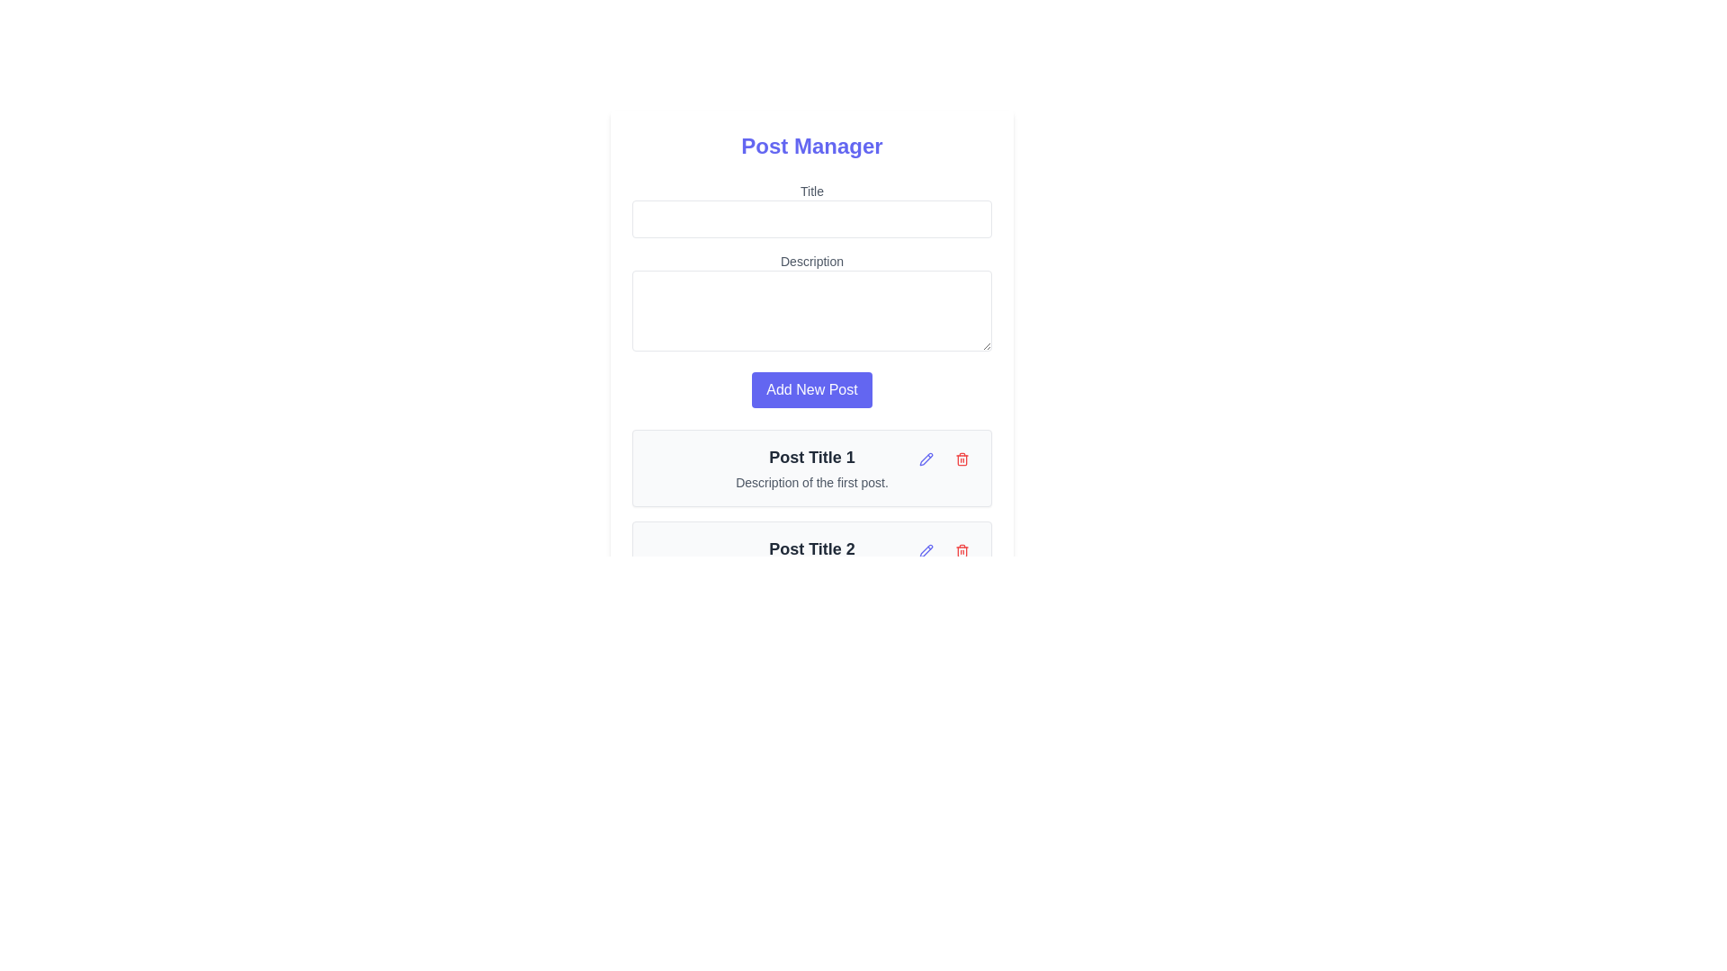 The height and width of the screenshot is (971, 1727). I want to click on the delete button, which is the second trash icon, so click(962, 550).